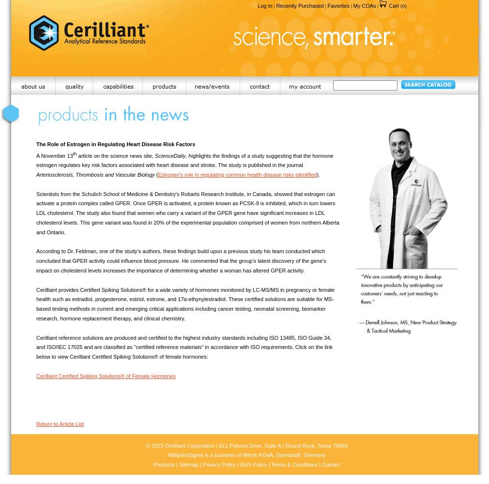 The width and height of the screenshot is (489, 484). I want to click on 'Favorites', so click(326, 6).